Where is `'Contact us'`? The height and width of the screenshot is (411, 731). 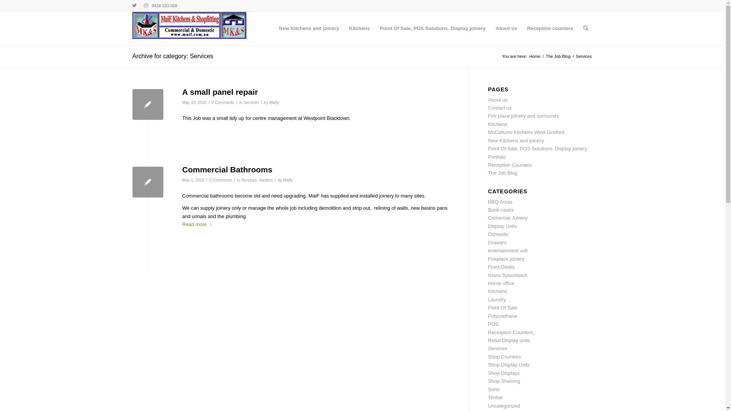 'Contact us' is located at coordinates (500, 108).